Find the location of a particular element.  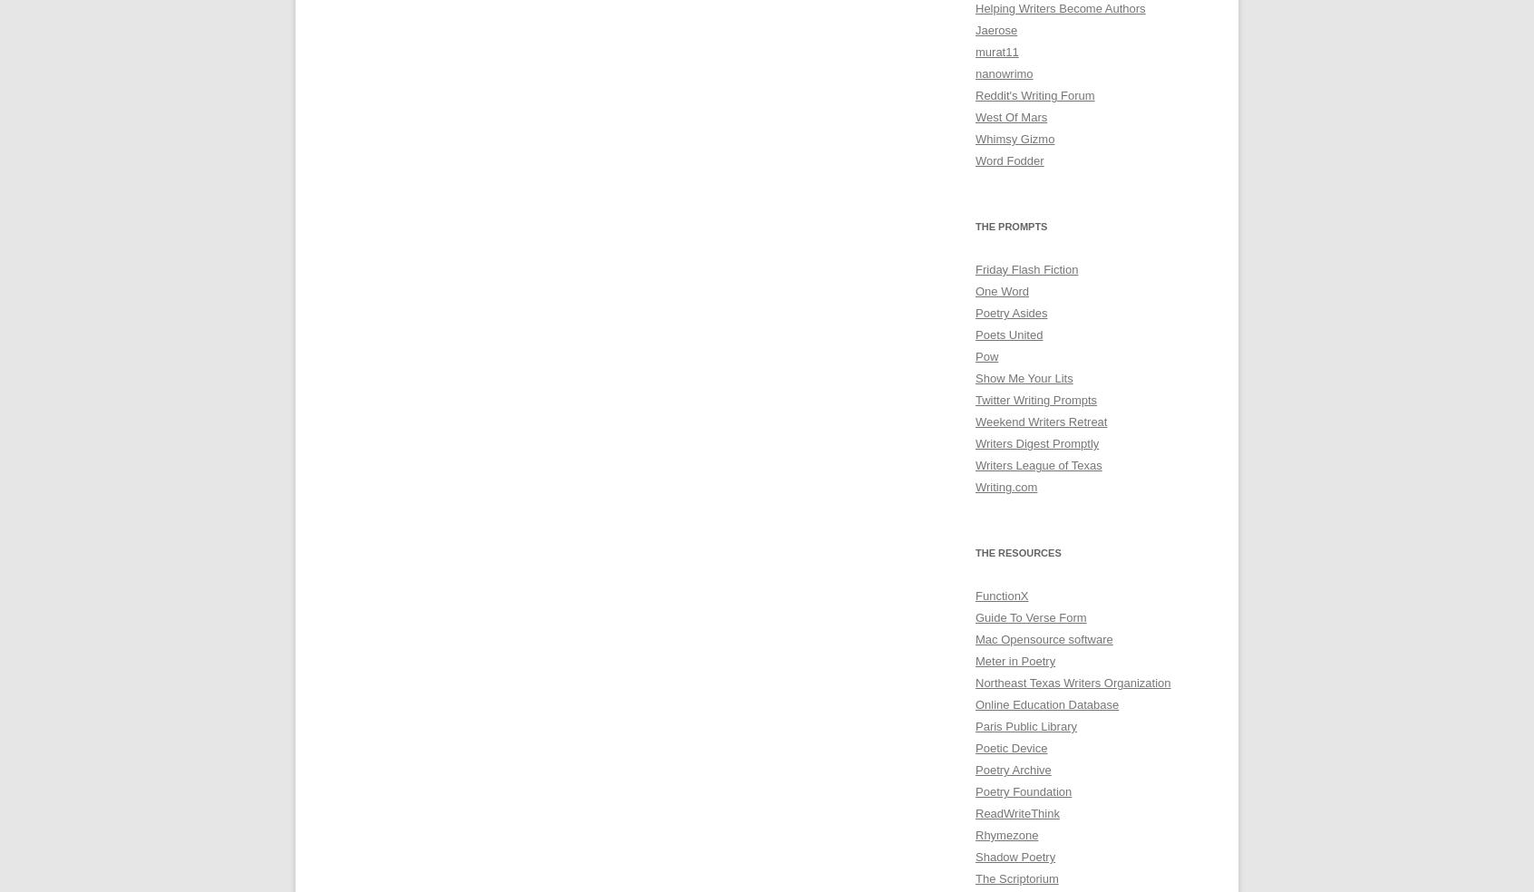

'Whimsy Gizmo' is located at coordinates (1015, 139).